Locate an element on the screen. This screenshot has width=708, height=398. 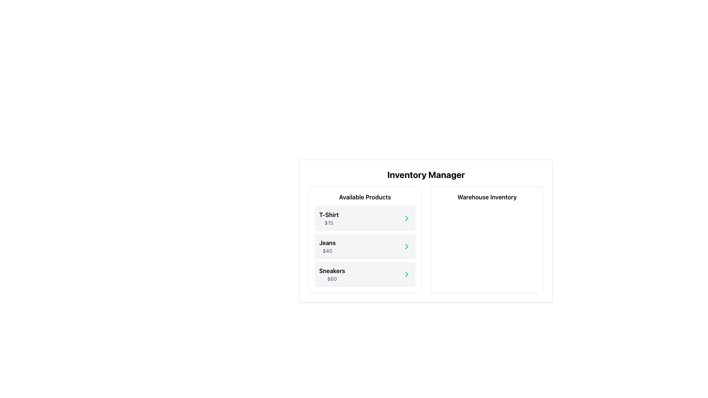
the product listing card for 'Sneakers' priced at '$60' is located at coordinates (332, 274).